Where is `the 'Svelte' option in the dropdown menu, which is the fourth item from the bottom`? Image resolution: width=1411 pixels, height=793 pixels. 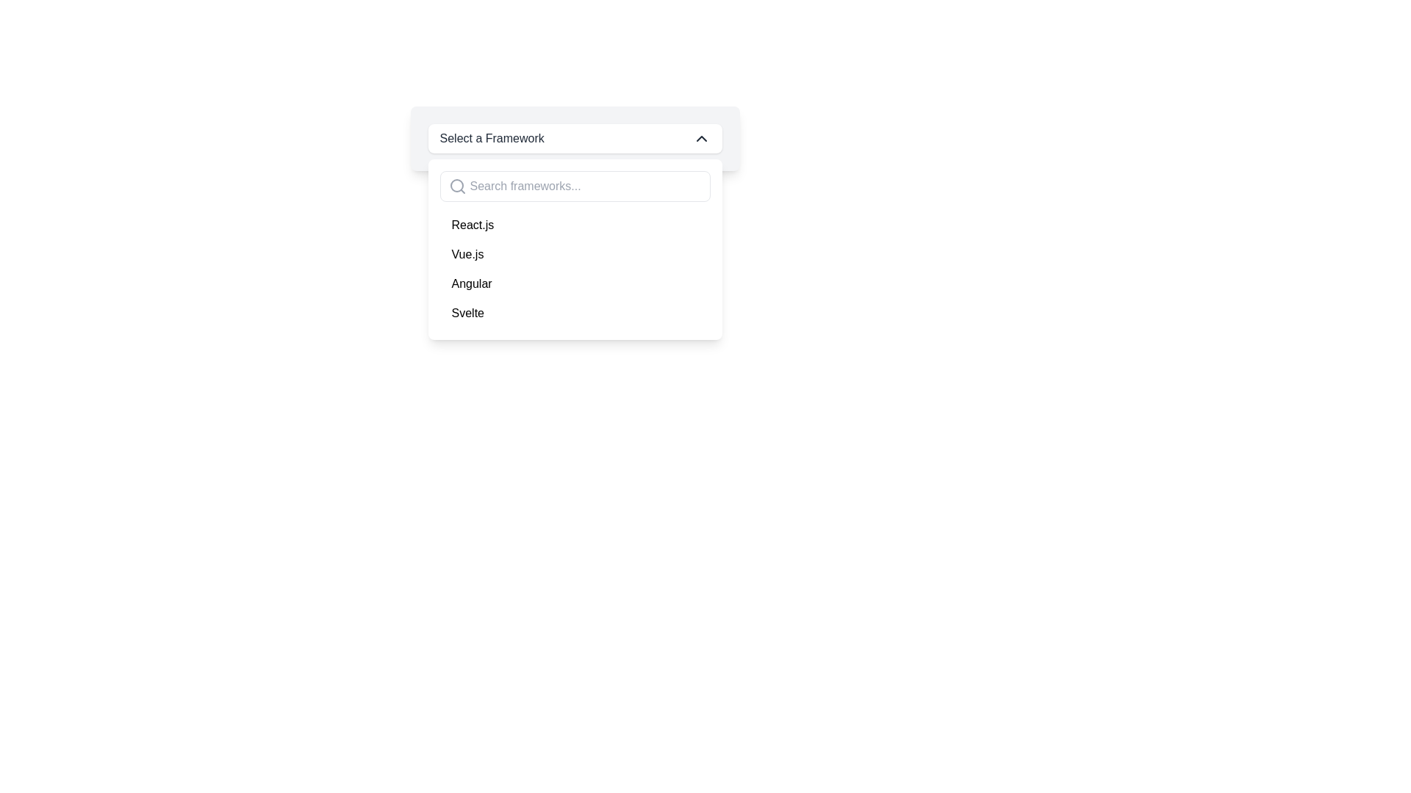
the 'Svelte' option in the dropdown menu, which is the fourth item from the bottom is located at coordinates (574, 313).